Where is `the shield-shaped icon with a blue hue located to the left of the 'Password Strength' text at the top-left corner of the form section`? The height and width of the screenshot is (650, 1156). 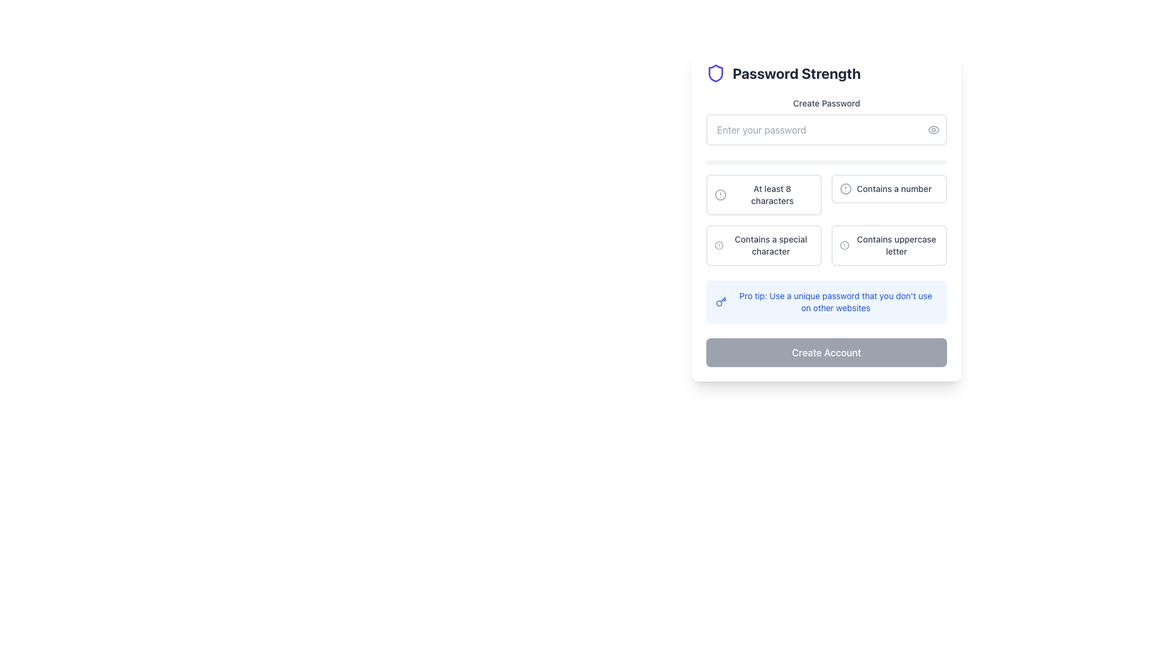
the shield-shaped icon with a blue hue located to the left of the 'Password Strength' text at the top-left corner of the form section is located at coordinates (716, 73).